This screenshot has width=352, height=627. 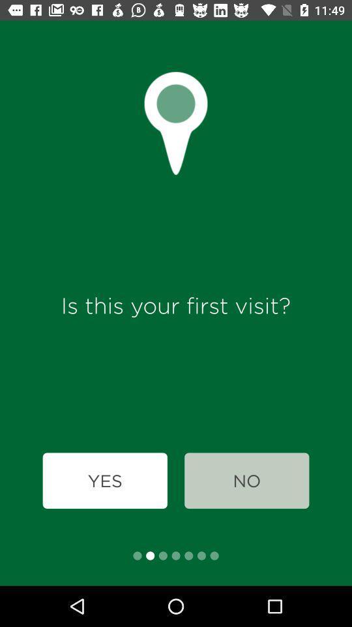 What do you see at coordinates (246, 480) in the screenshot?
I see `the icon below is this your icon` at bounding box center [246, 480].